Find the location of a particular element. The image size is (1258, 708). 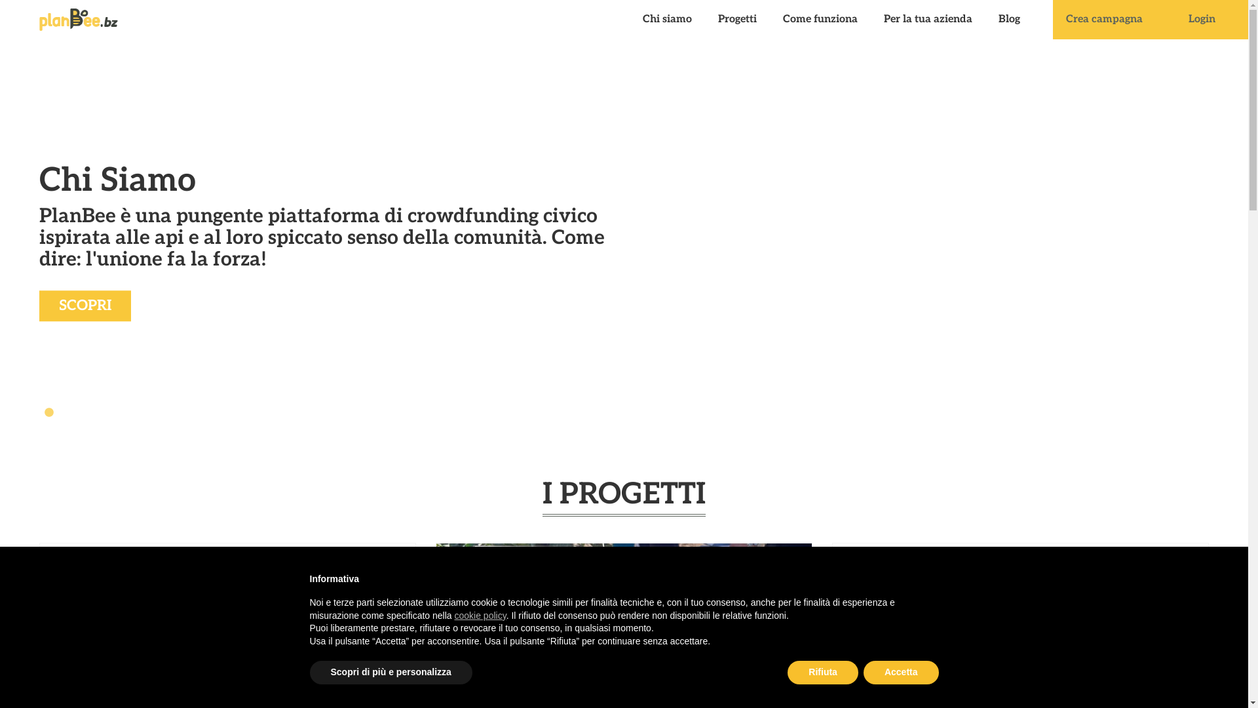

'Per la tua azienda' is located at coordinates (927, 20).